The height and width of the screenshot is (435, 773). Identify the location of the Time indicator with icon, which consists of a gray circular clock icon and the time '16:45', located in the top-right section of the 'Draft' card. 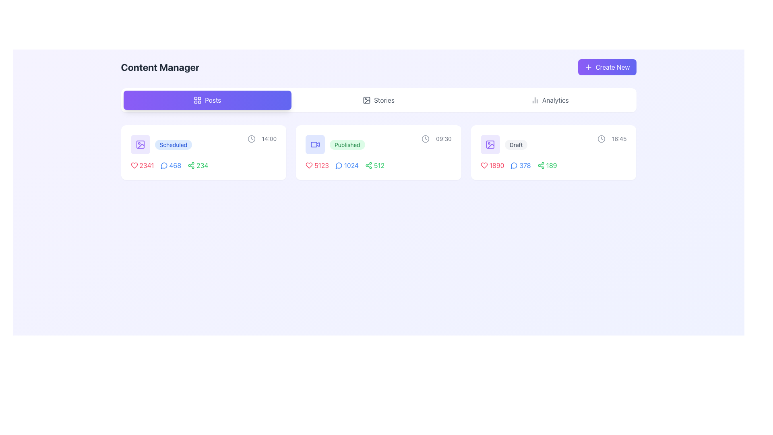
(612, 138).